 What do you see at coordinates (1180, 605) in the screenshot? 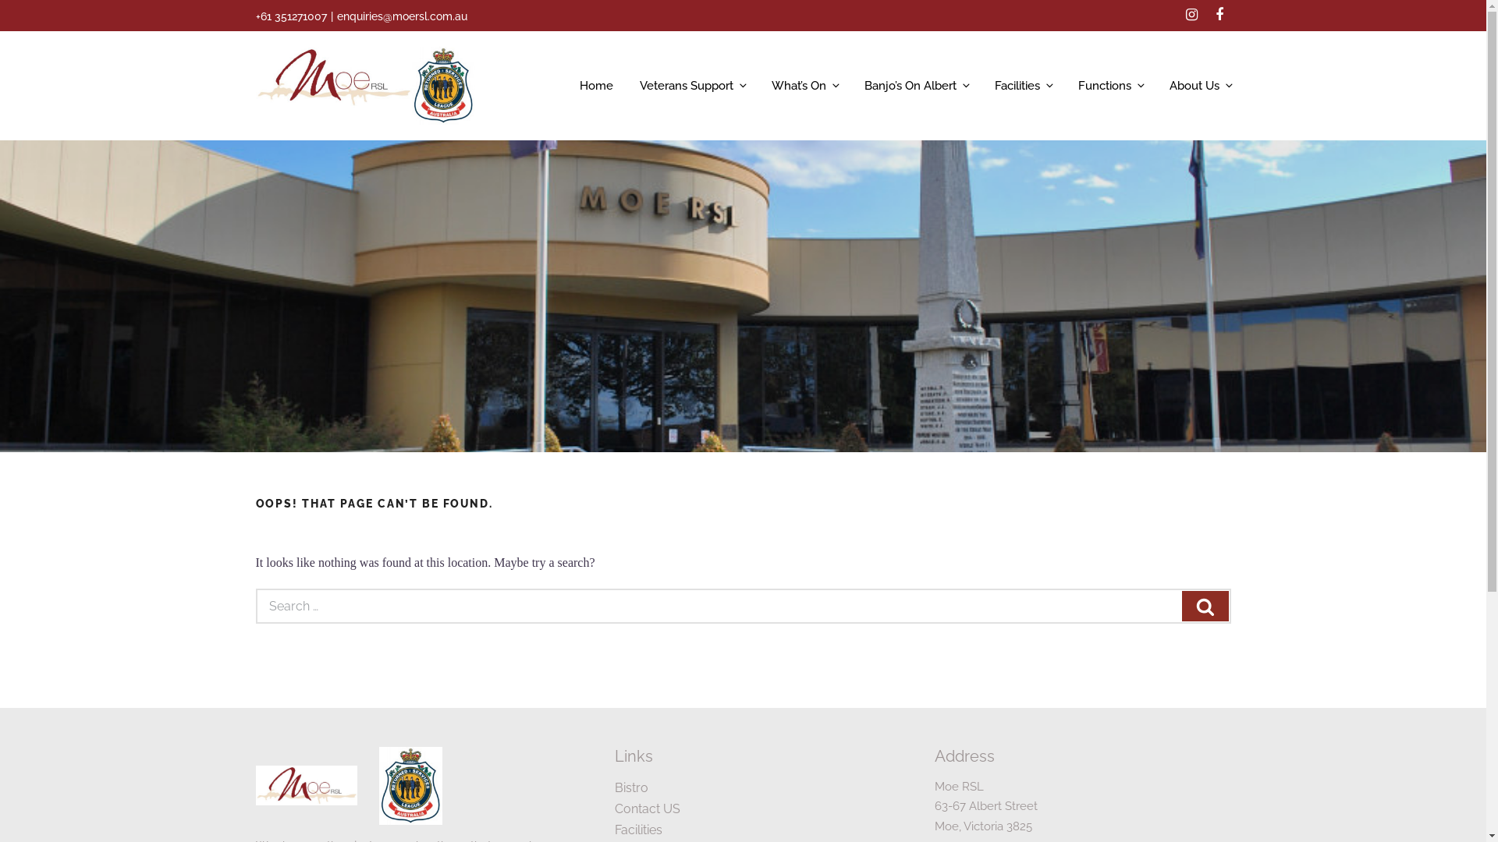
I see `'Search'` at bounding box center [1180, 605].